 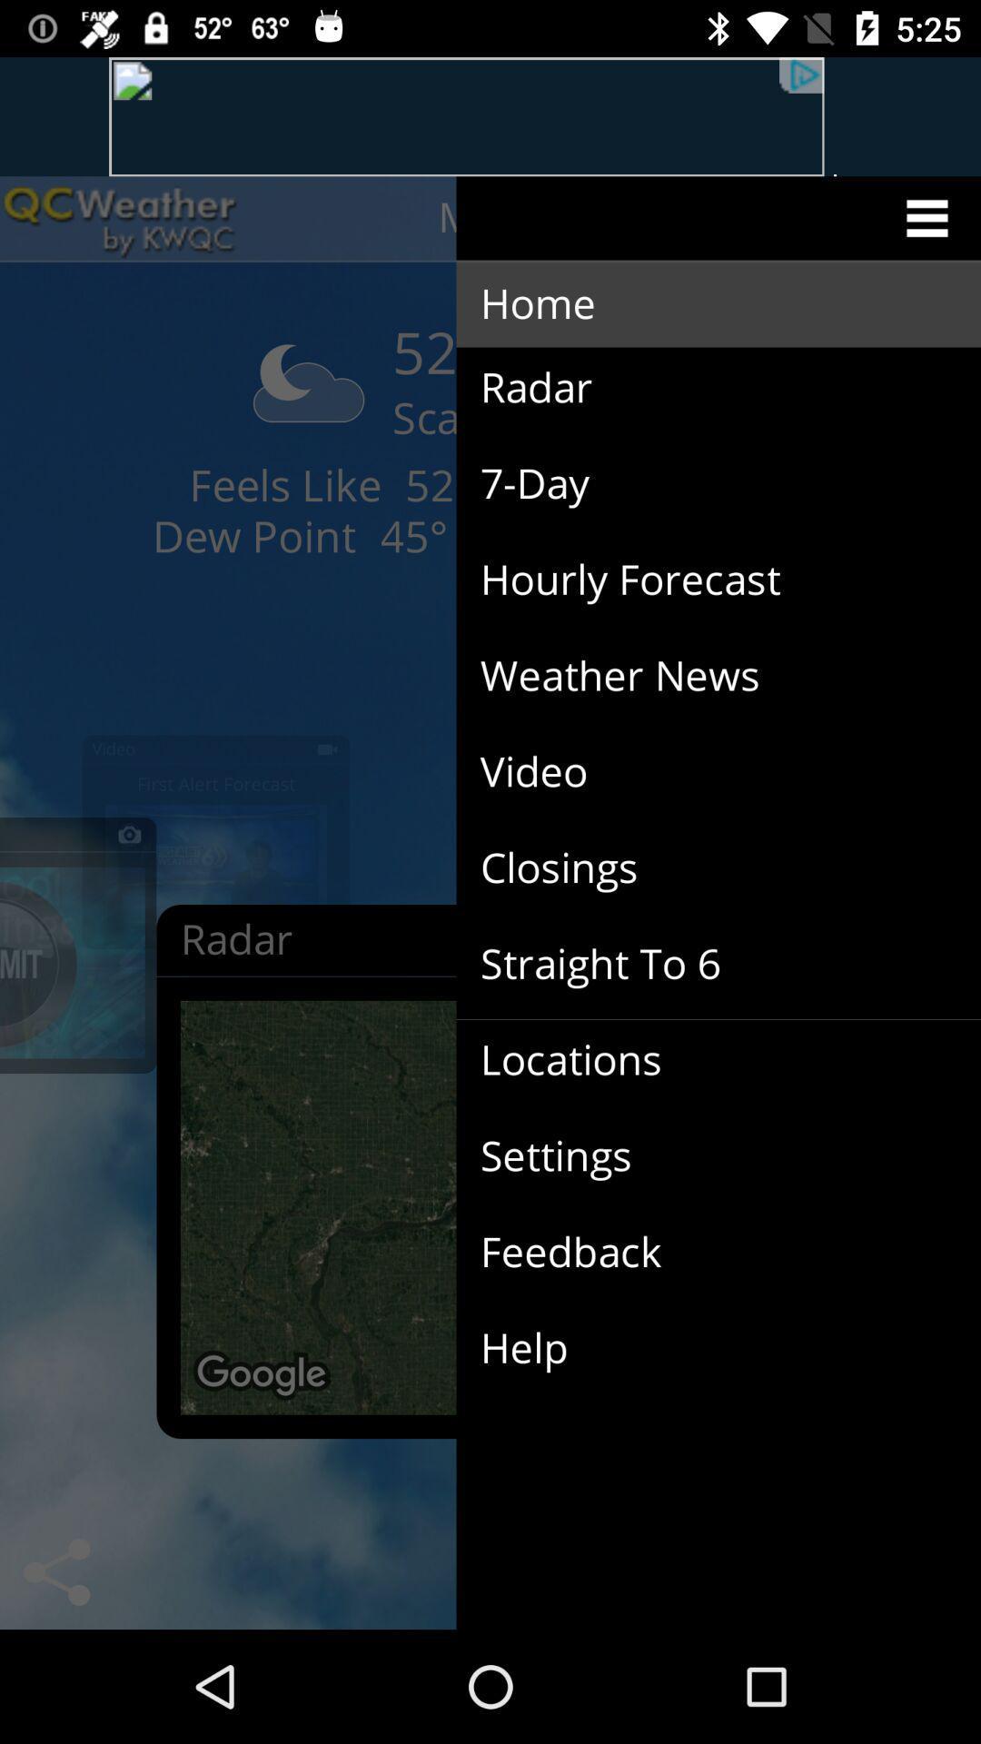 What do you see at coordinates (55, 1571) in the screenshot?
I see `the share icon` at bounding box center [55, 1571].